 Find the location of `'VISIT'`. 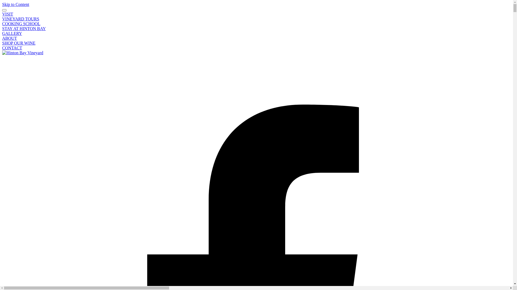

'VISIT' is located at coordinates (8, 14).